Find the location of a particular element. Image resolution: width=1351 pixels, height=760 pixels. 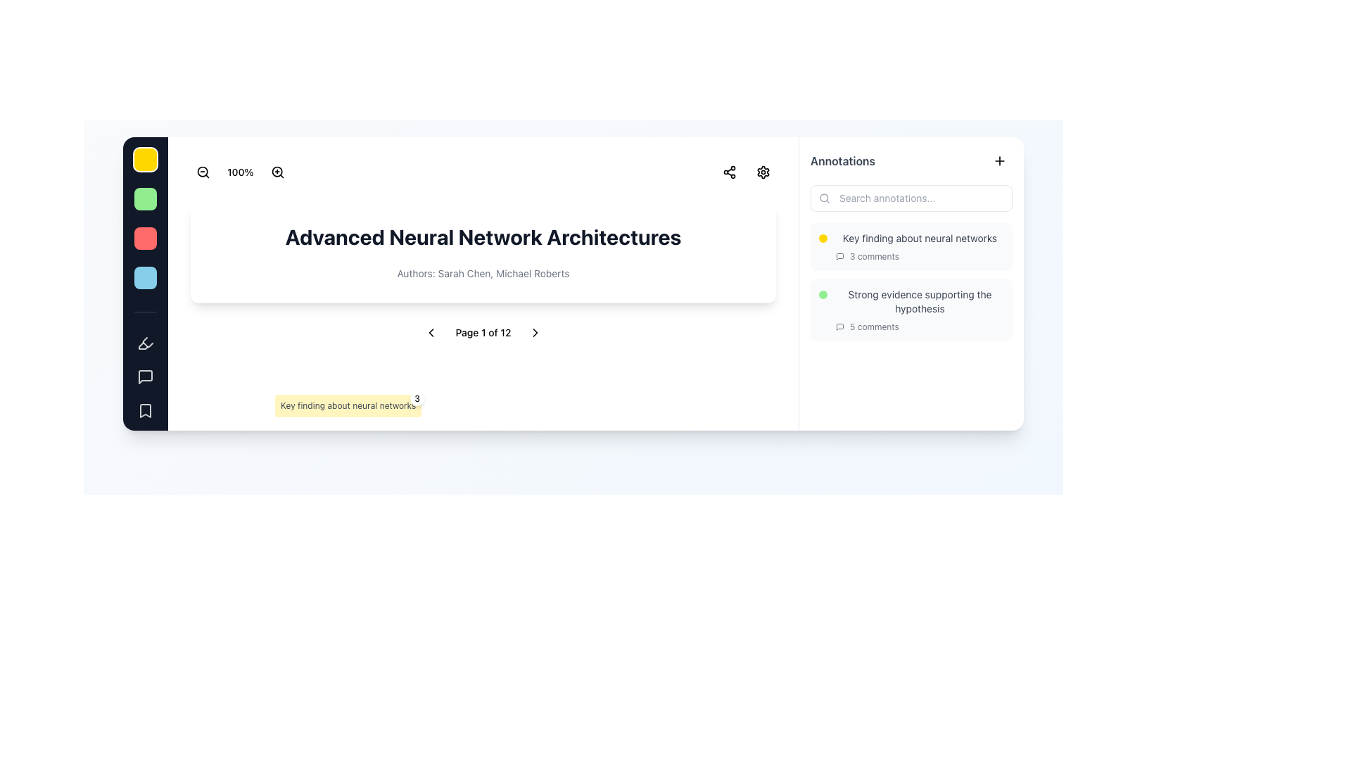

the second list item in the annotation panel, which summarizes an annotation with the title 'Strong evidence supporting the hypothesis' and indicates '5 comments' is located at coordinates (911, 309).